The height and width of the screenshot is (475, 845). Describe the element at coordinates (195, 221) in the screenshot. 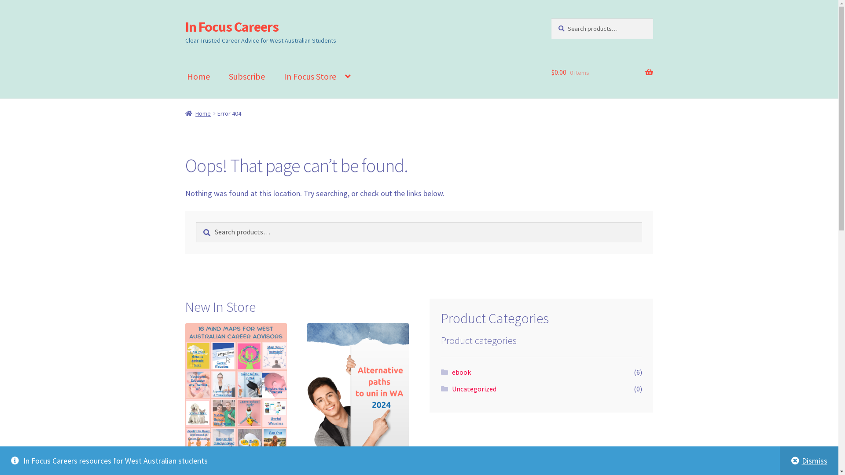

I see `'Search'` at that location.